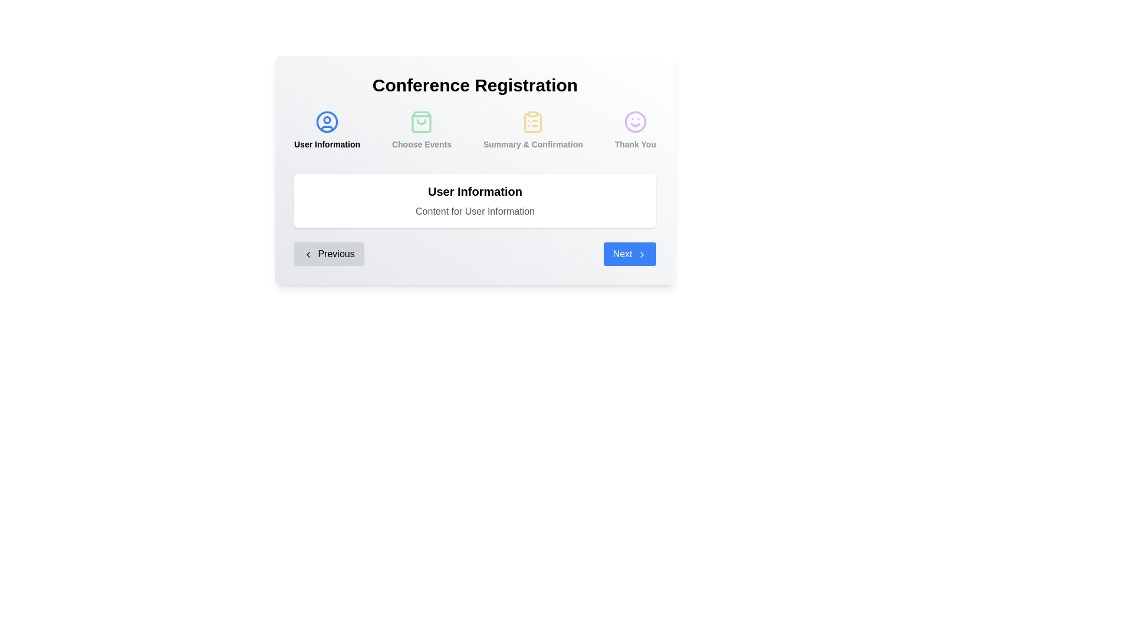  I want to click on the 'Next' button, which contains the chevron right icon for forward navigation, so click(641, 254).